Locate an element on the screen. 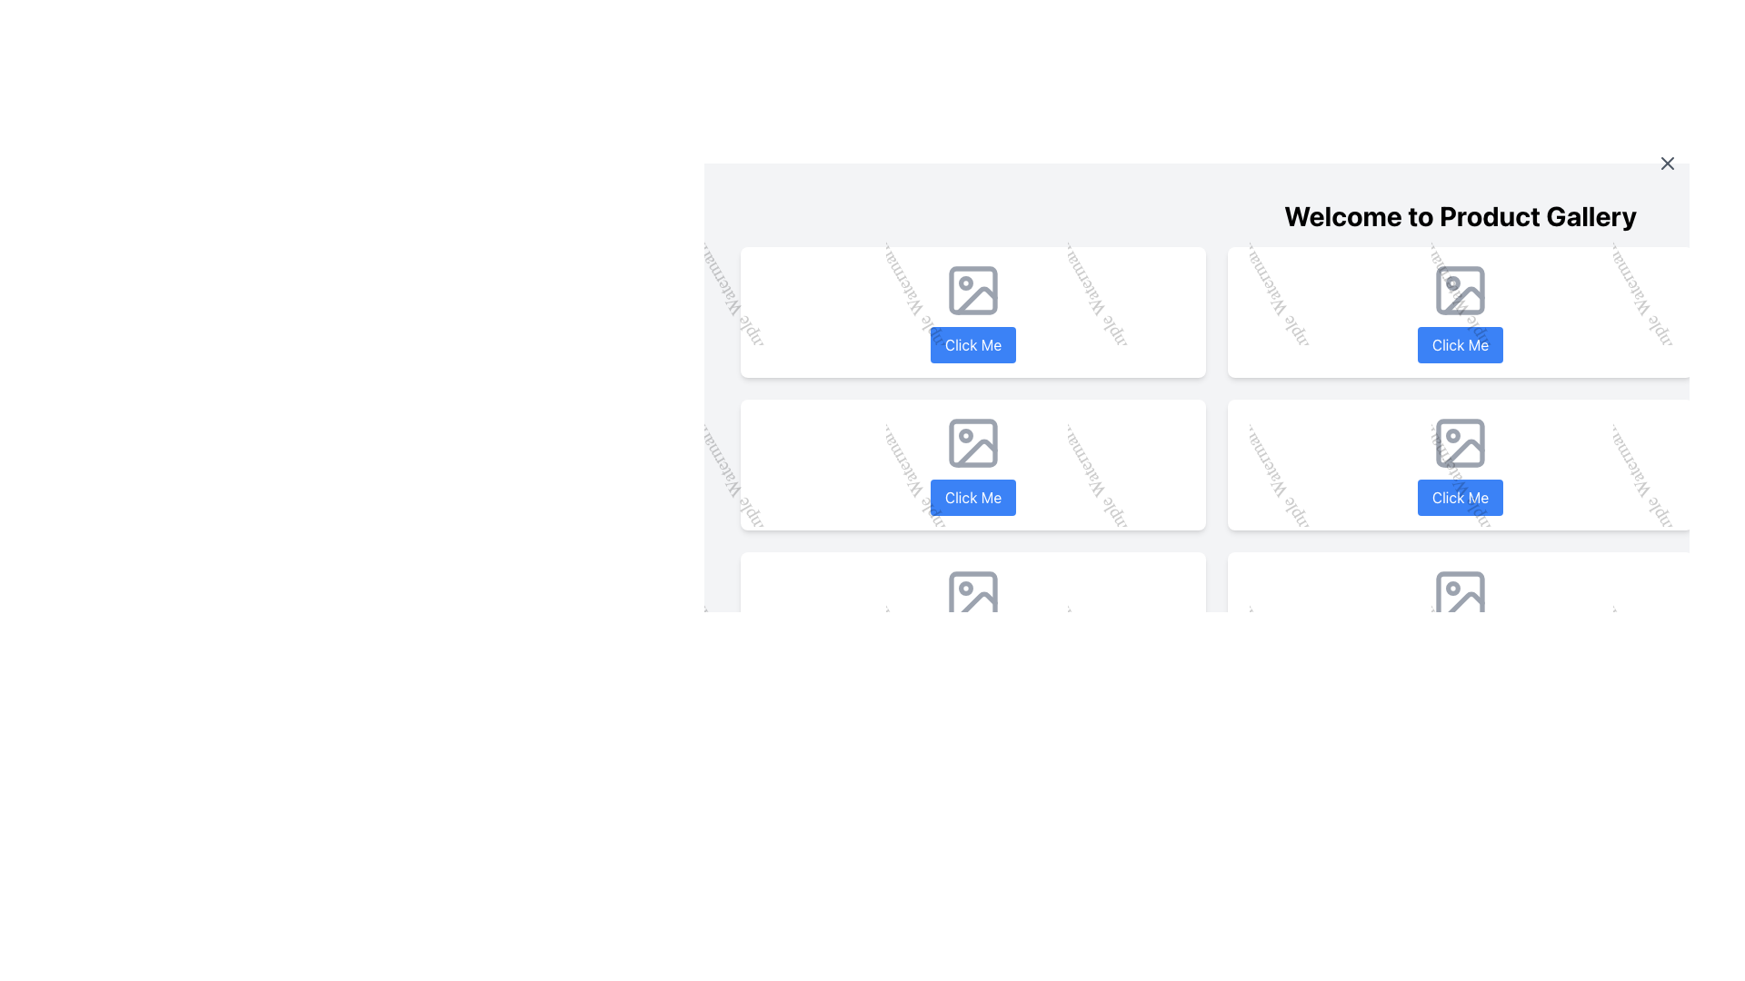 The image size is (1745, 981). the Image Placeholder Icon, which is a circular icon with a gray outline located in the upper portion of a card in the top right corner of the grid is located at coordinates (1461, 290).